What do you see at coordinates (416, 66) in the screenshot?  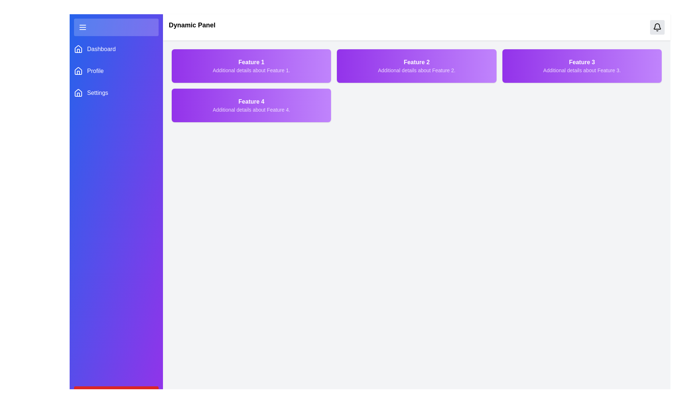 I see `the feature presentation card located in the middle column of a three-column layout for further interaction` at bounding box center [416, 66].